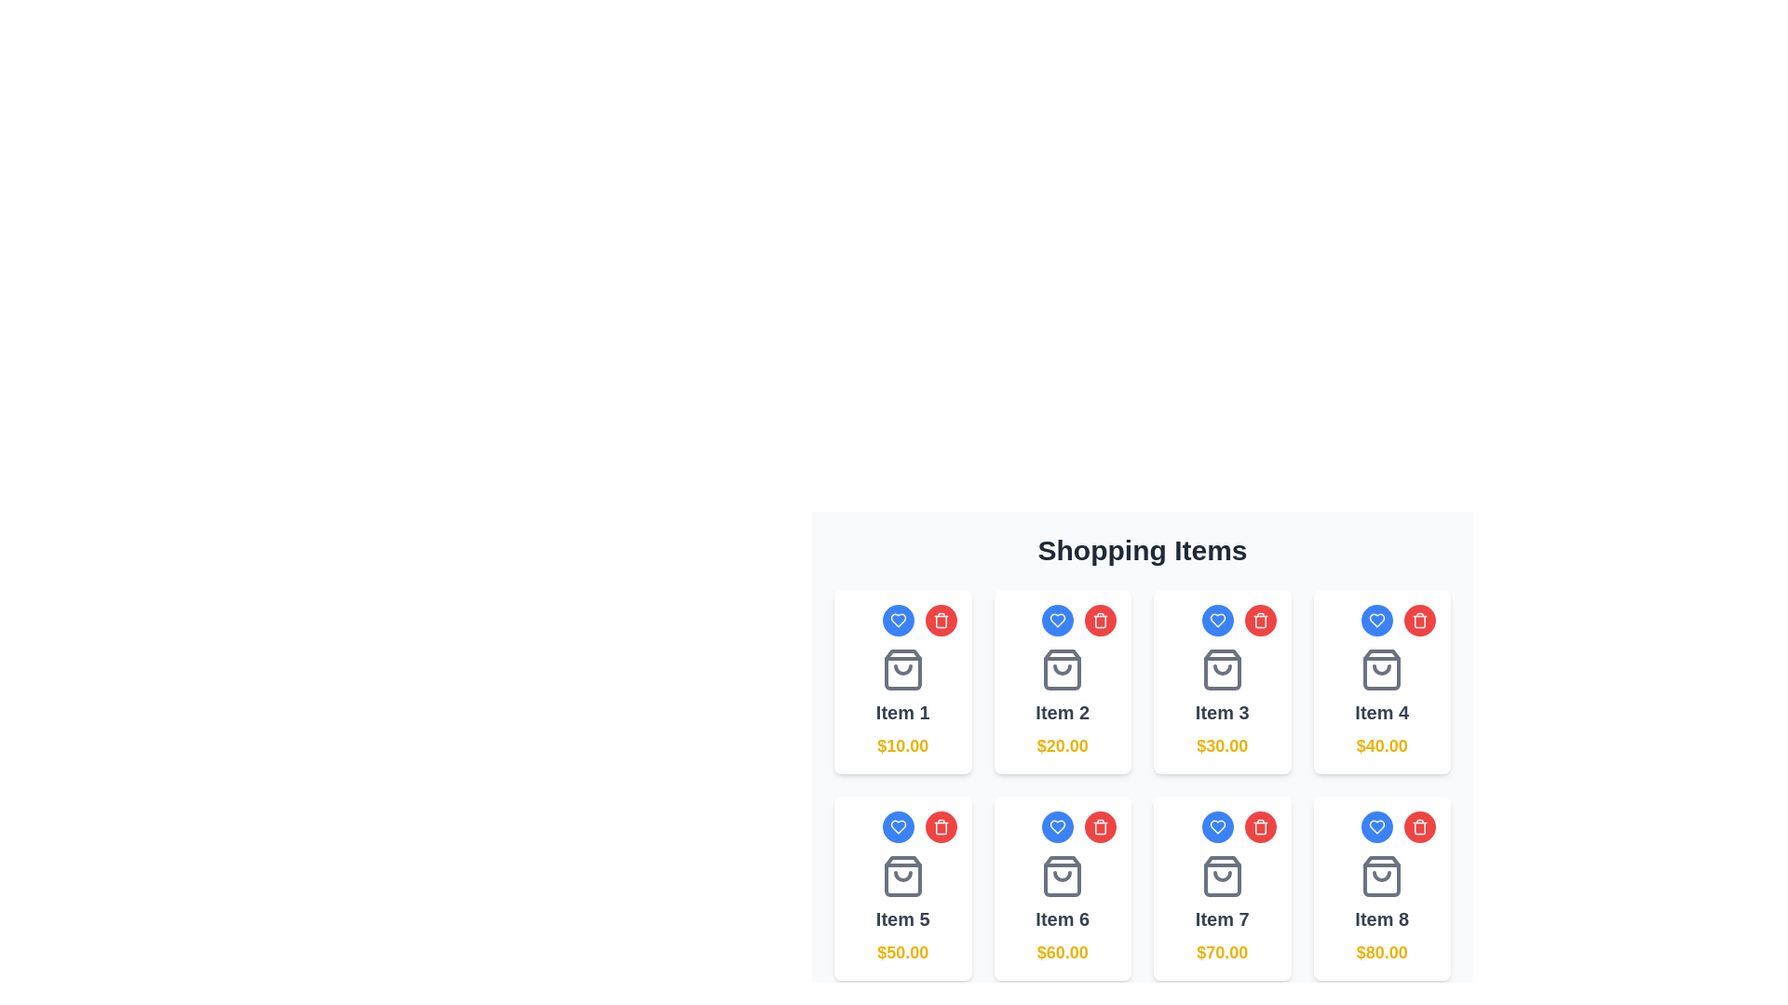 This screenshot has width=1788, height=1005. Describe the element at coordinates (1058, 825) in the screenshot. I see `the heart-shaped icon button with a blue background located at the top-left corner of the 'Item 6' card for accessibility` at that location.